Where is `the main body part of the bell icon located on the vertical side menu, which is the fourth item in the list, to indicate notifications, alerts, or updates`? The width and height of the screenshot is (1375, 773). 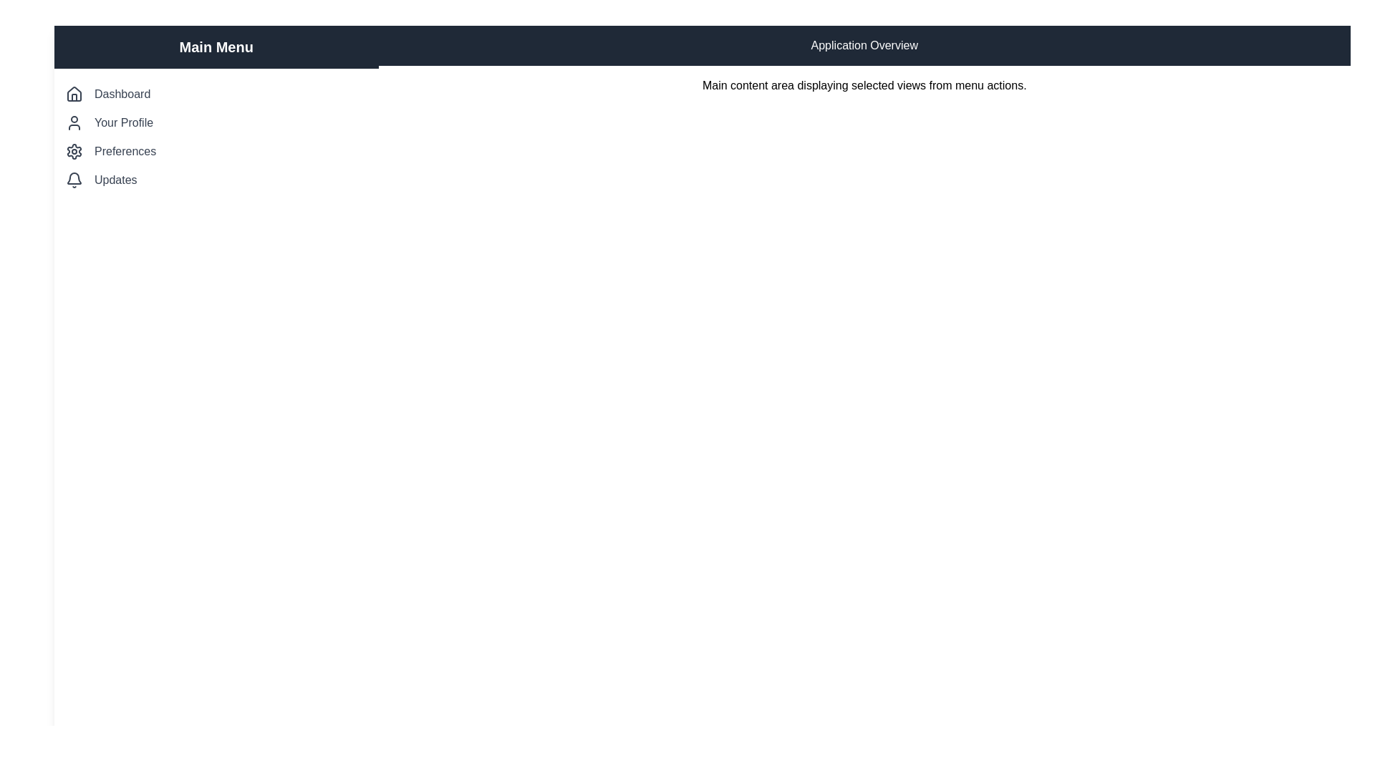
the main body part of the bell icon located on the vertical side menu, which is the fourth item in the list, to indicate notifications, alerts, or updates is located at coordinates (74, 178).